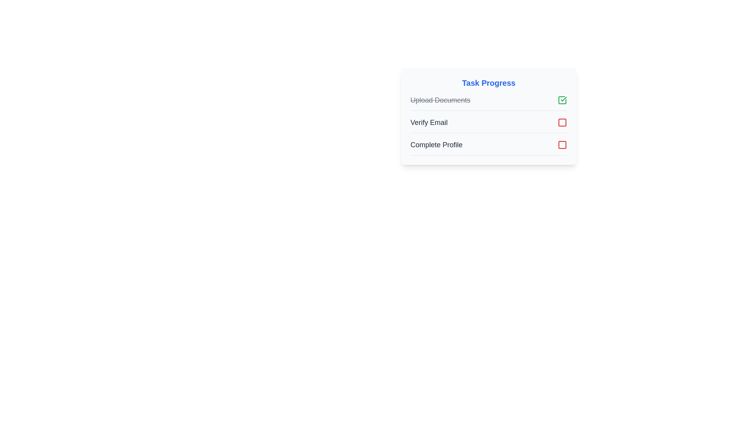 Image resolution: width=752 pixels, height=423 pixels. I want to click on the red outlined square icon button located to the right of the 'Complete Profile' text, so click(562, 145).